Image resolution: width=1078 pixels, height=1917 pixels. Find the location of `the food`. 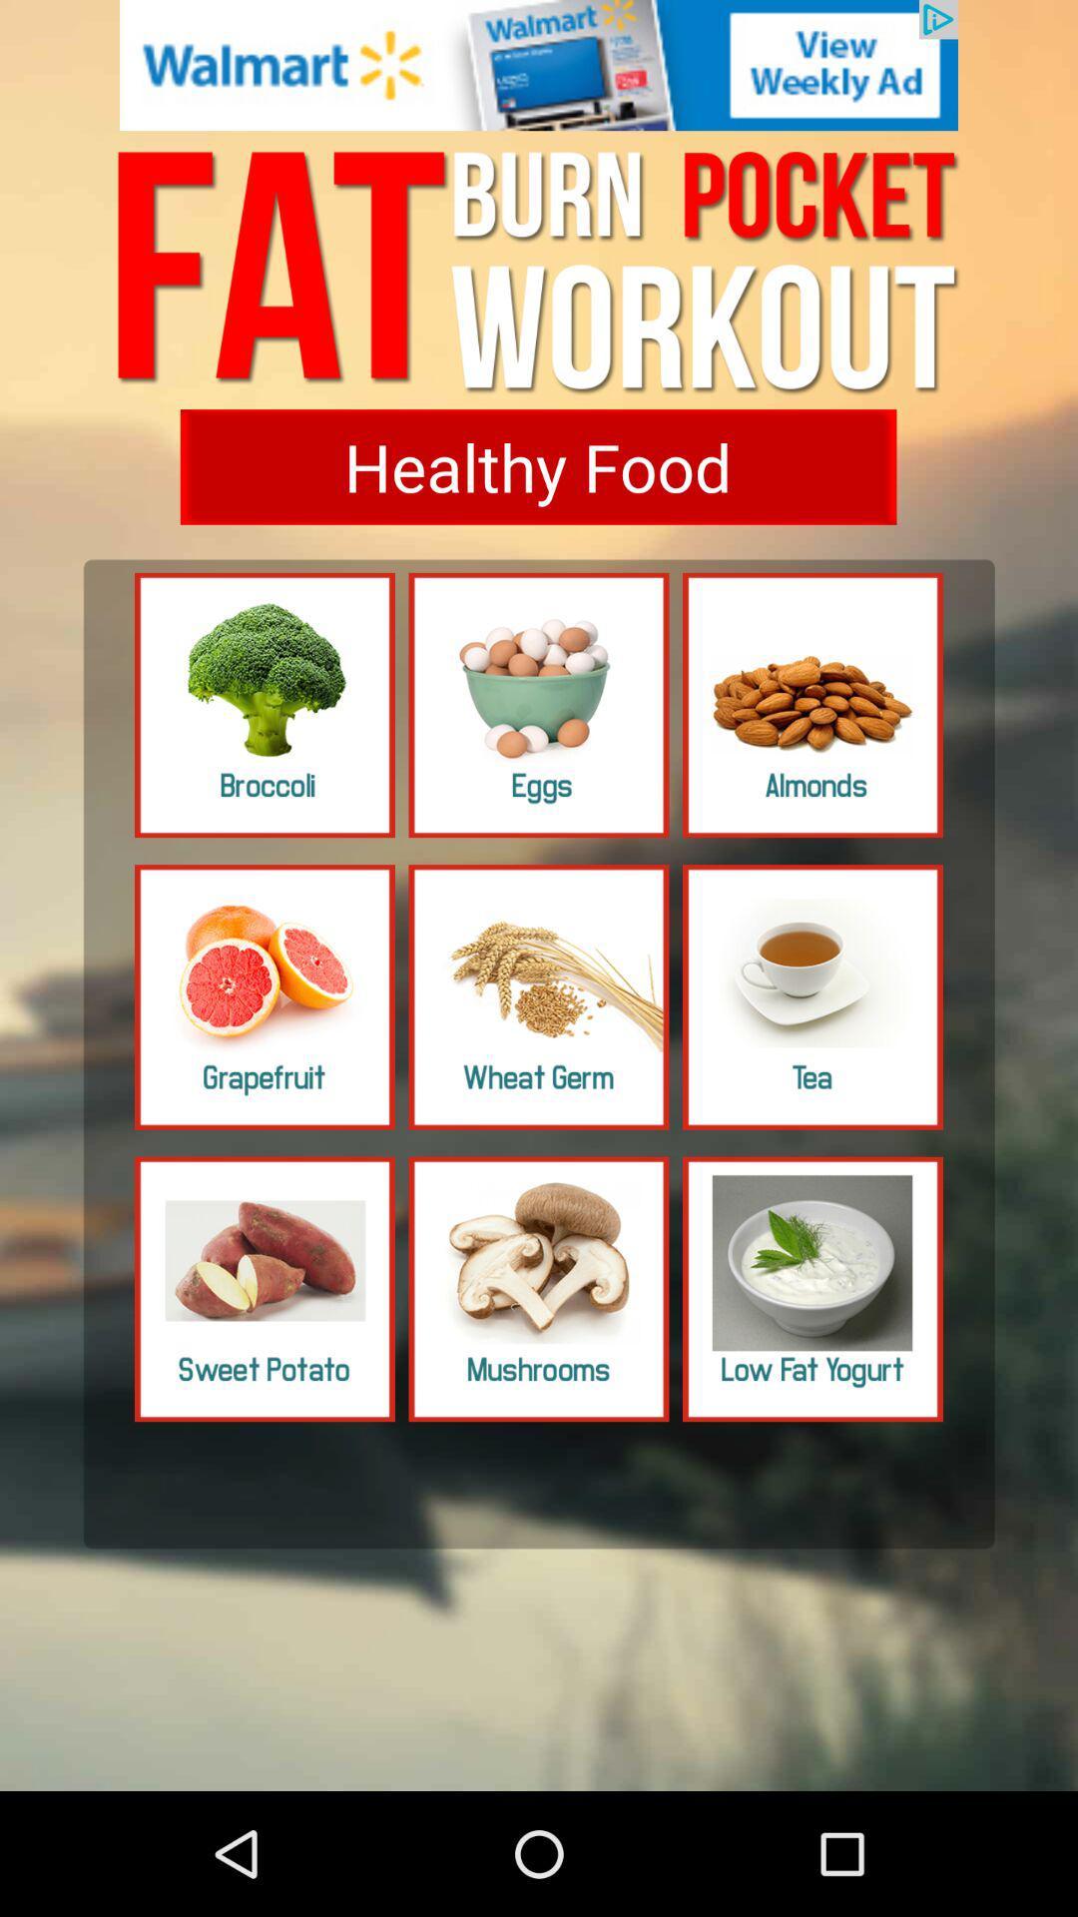

the food is located at coordinates (812, 1289).